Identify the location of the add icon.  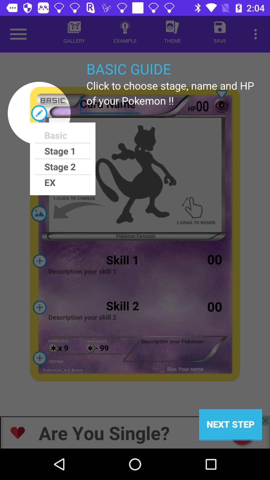
(39, 307).